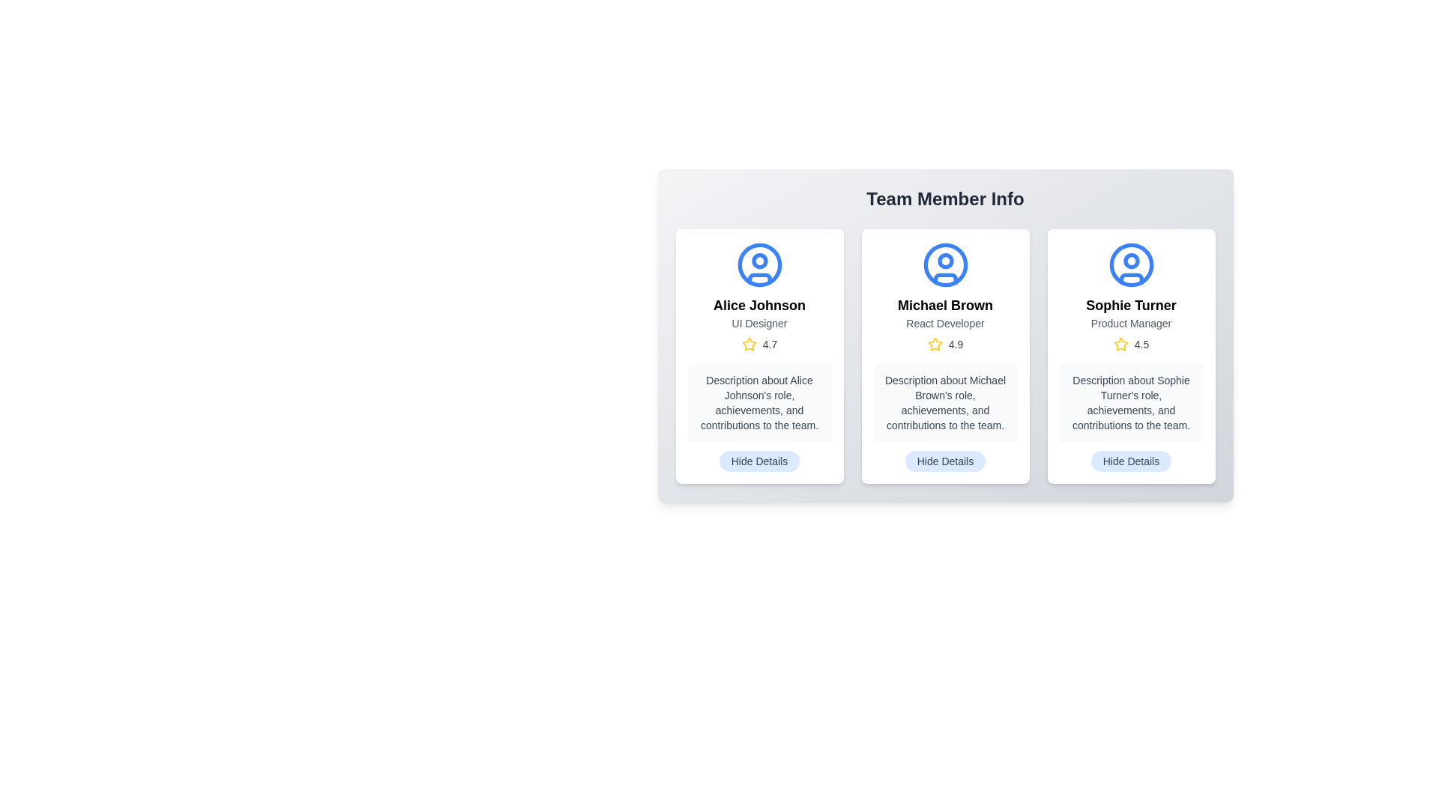 This screenshot has width=1439, height=809. Describe the element at coordinates (1131, 323) in the screenshot. I see `the text label describing the role or title of 'Sophie Turner' within the team, located in the third column of the 'Team Member Info' grid, positioned below her name and above the rating section` at that location.